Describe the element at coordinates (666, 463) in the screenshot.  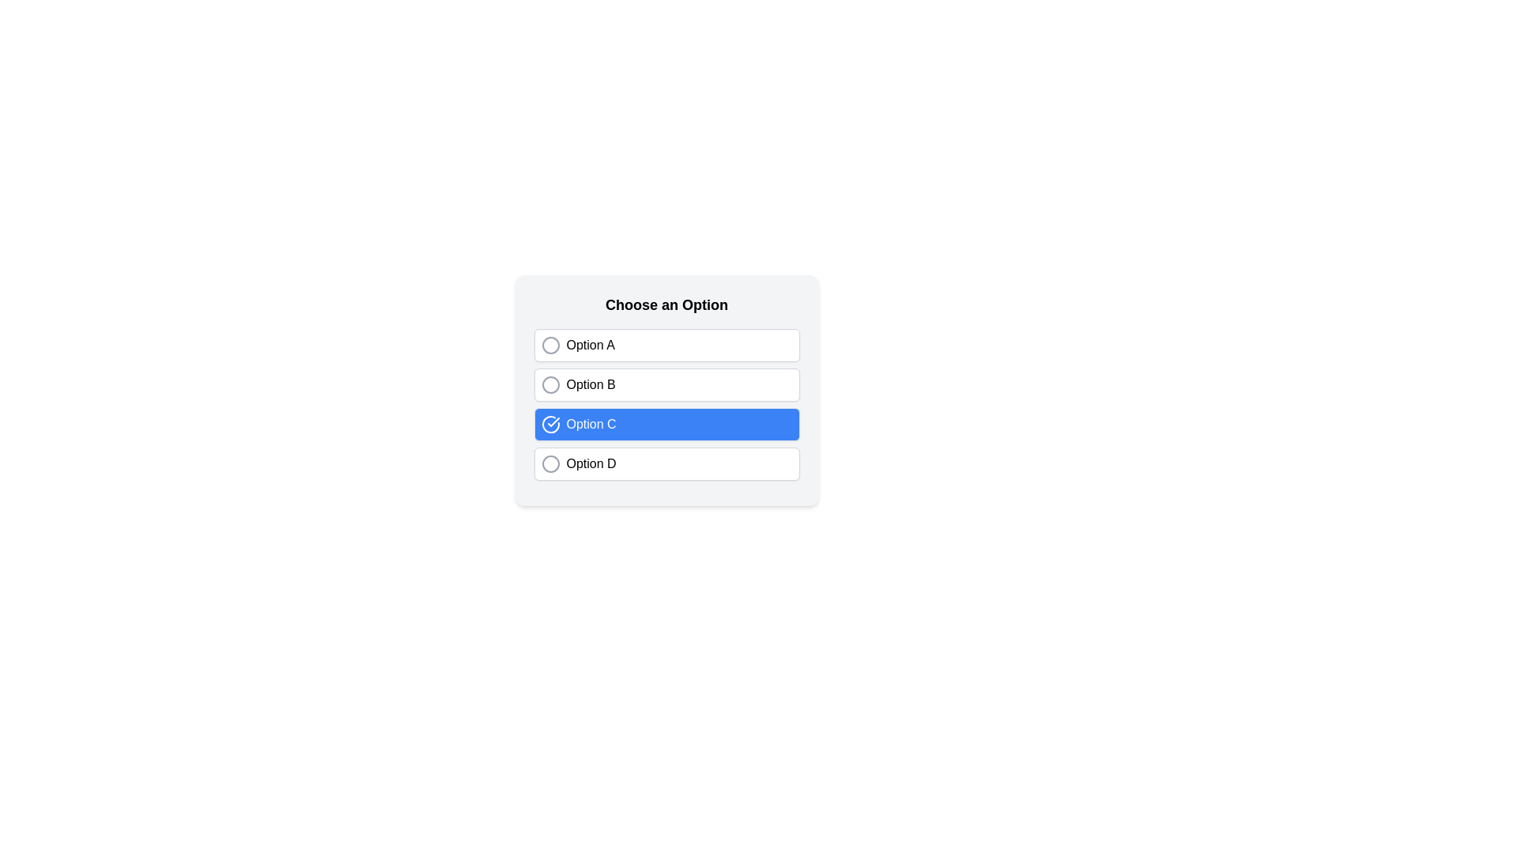
I see `the selectable option labeled 'Option D', which is the last option in a vertical list of four options` at that location.